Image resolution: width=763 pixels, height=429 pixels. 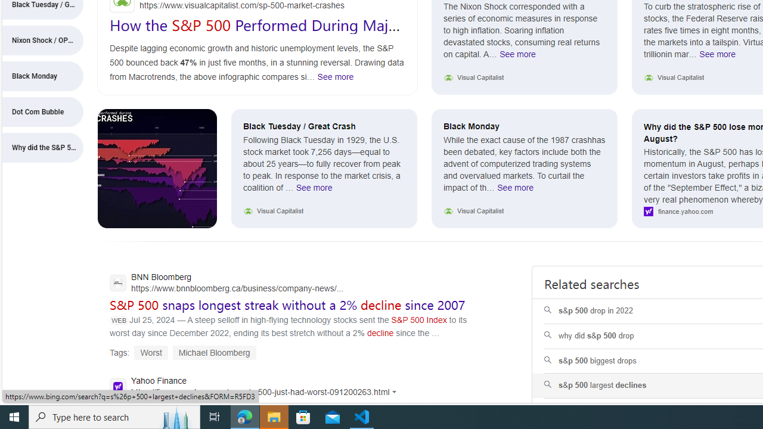 What do you see at coordinates (396, 392) in the screenshot?
I see `'Actions for this site'` at bounding box center [396, 392].